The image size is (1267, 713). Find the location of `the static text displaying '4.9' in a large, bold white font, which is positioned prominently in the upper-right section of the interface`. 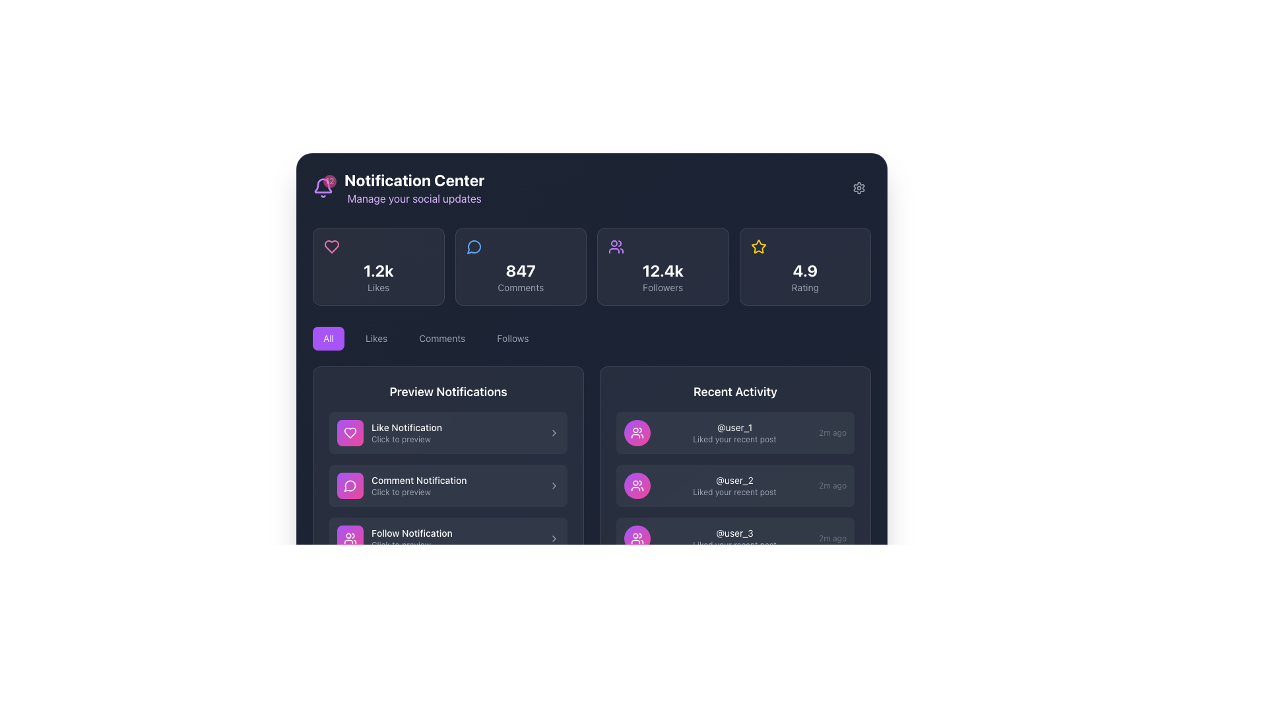

the static text displaying '4.9' in a large, bold white font, which is positioned prominently in the upper-right section of the interface is located at coordinates (804, 269).